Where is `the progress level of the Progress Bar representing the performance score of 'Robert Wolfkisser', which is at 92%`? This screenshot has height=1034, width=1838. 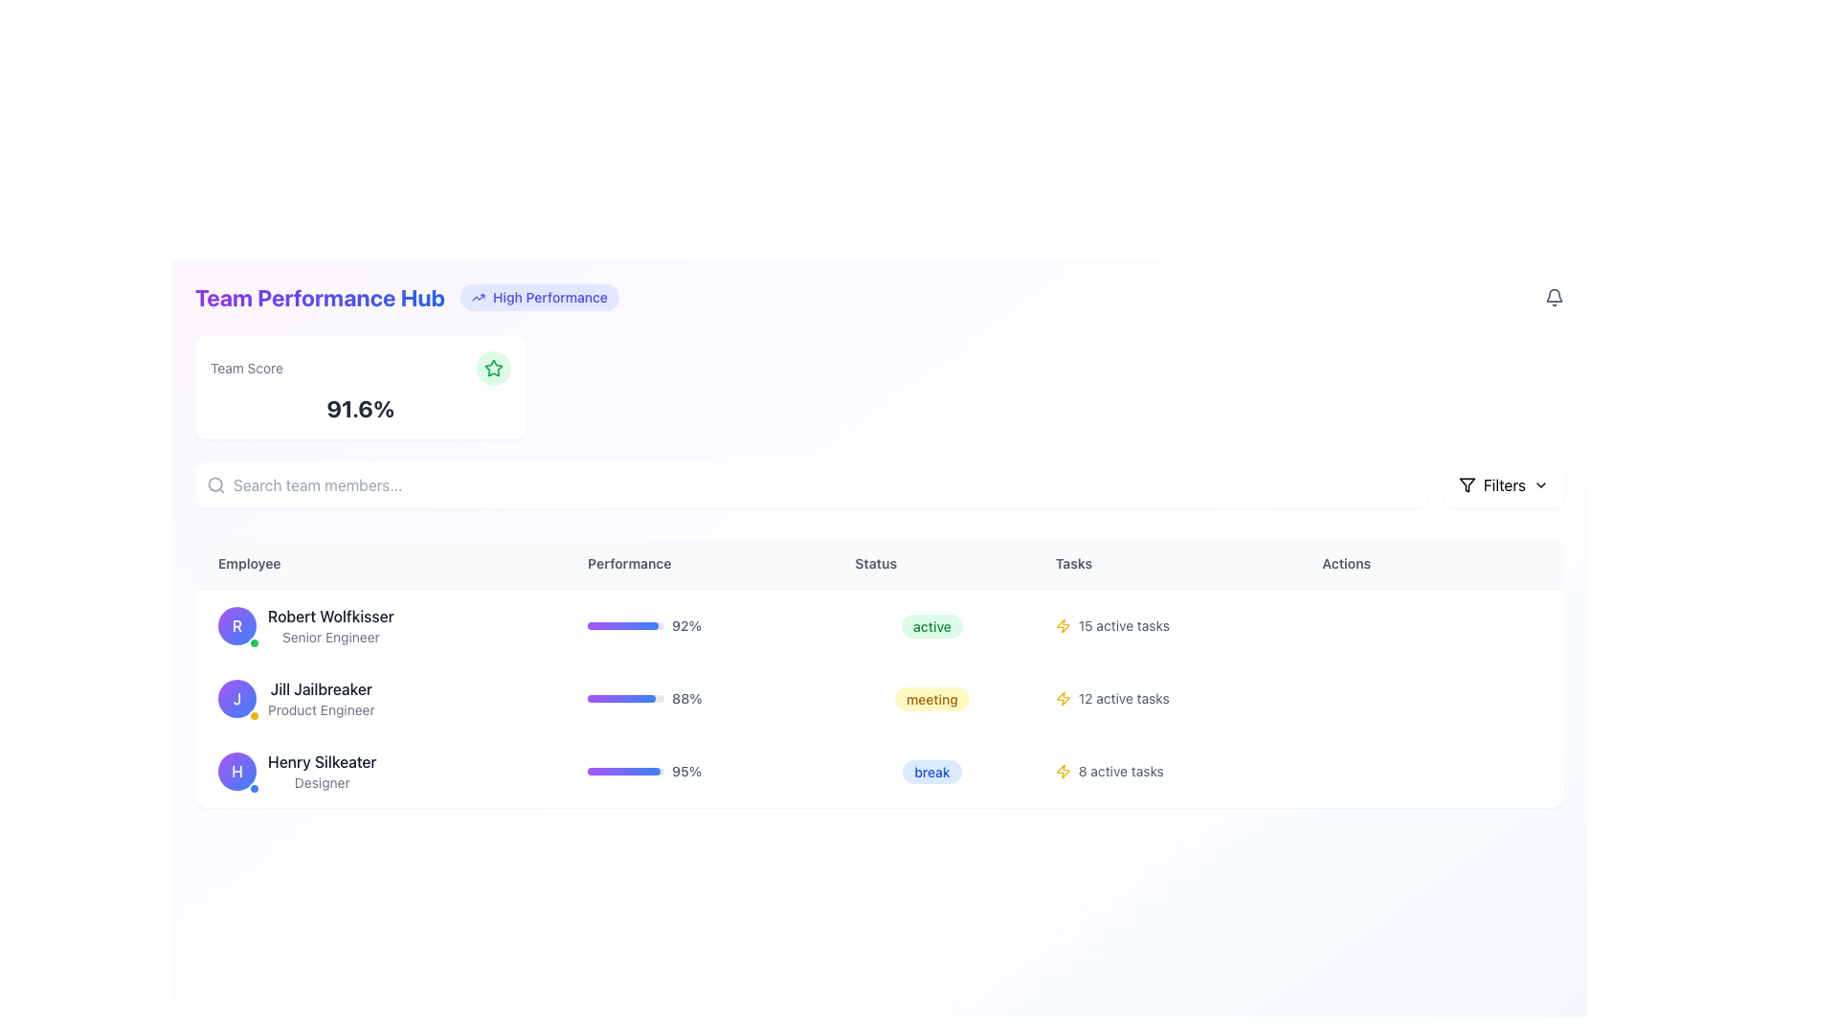 the progress level of the Progress Bar representing the performance score of 'Robert Wolfkisser', which is at 92% is located at coordinates (623, 626).